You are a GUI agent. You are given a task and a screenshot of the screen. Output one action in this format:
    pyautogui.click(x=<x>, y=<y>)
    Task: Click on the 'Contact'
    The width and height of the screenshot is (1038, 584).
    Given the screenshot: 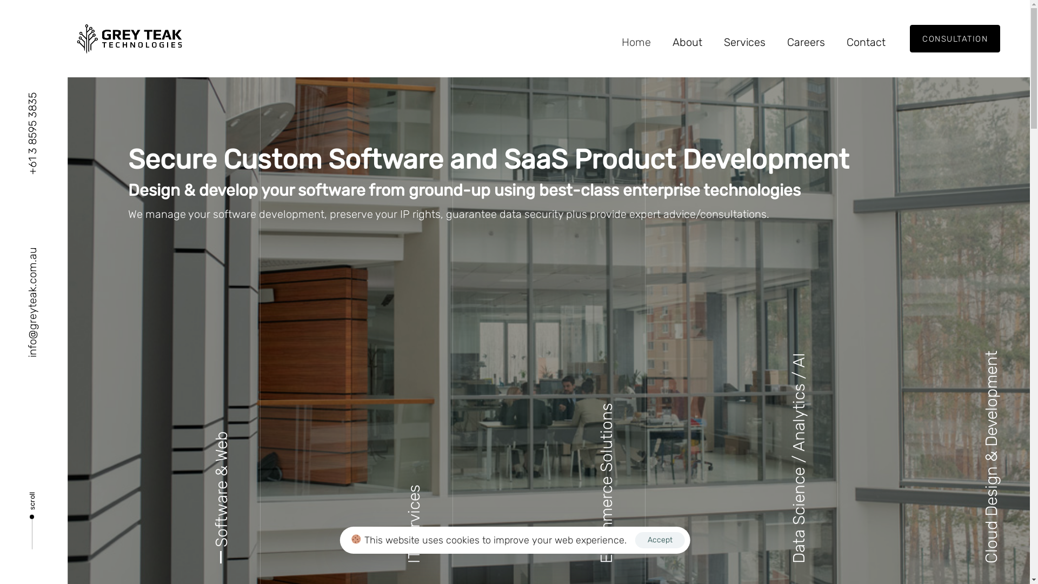 What is the action you would take?
    pyautogui.click(x=835, y=41)
    